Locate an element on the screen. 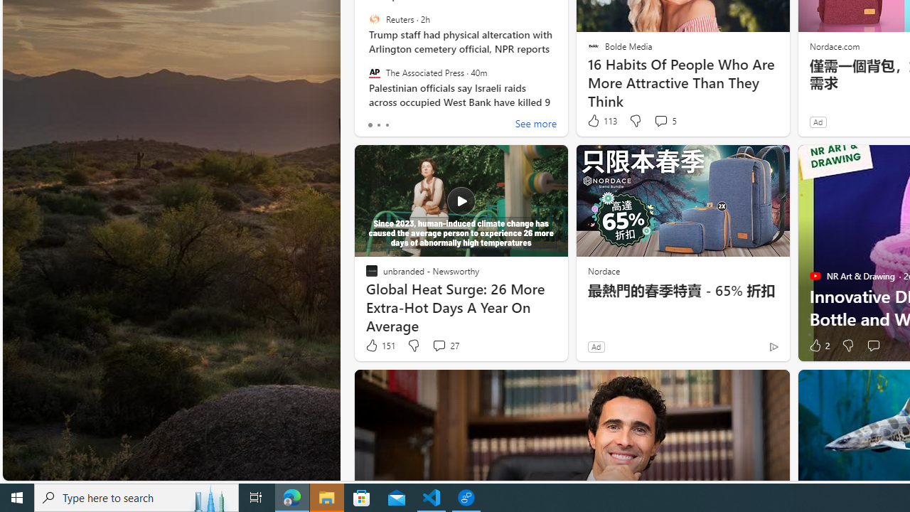 This screenshot has width=910, height=512. 'The Associated Press' is located at coordinates (374, 72).